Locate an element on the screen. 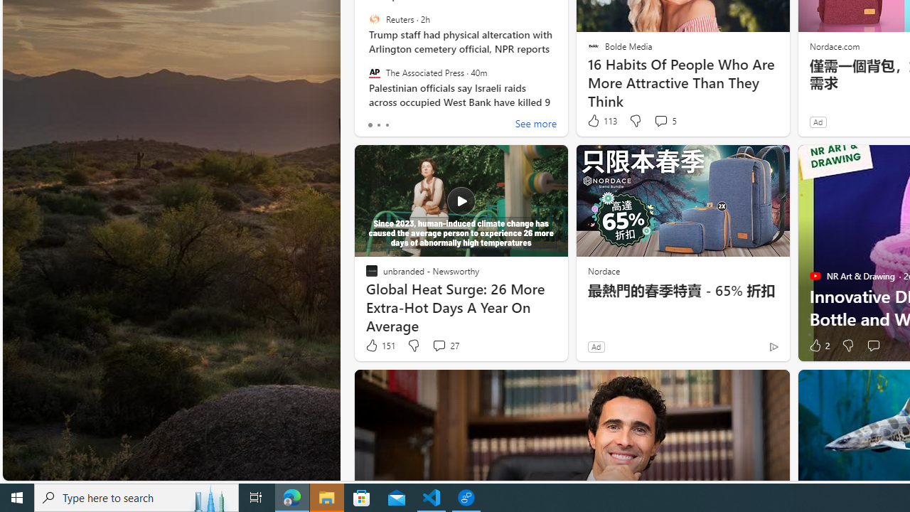 This screenshot has width=910, height=512. 'The Associated Press' is located at coordinates (374, 72).